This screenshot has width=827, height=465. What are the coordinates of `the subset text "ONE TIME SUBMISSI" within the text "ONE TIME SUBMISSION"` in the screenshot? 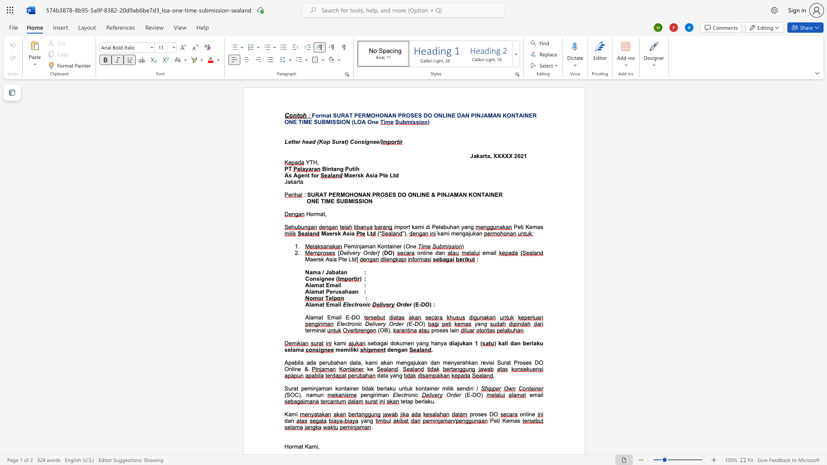 It's located at (307, 201).